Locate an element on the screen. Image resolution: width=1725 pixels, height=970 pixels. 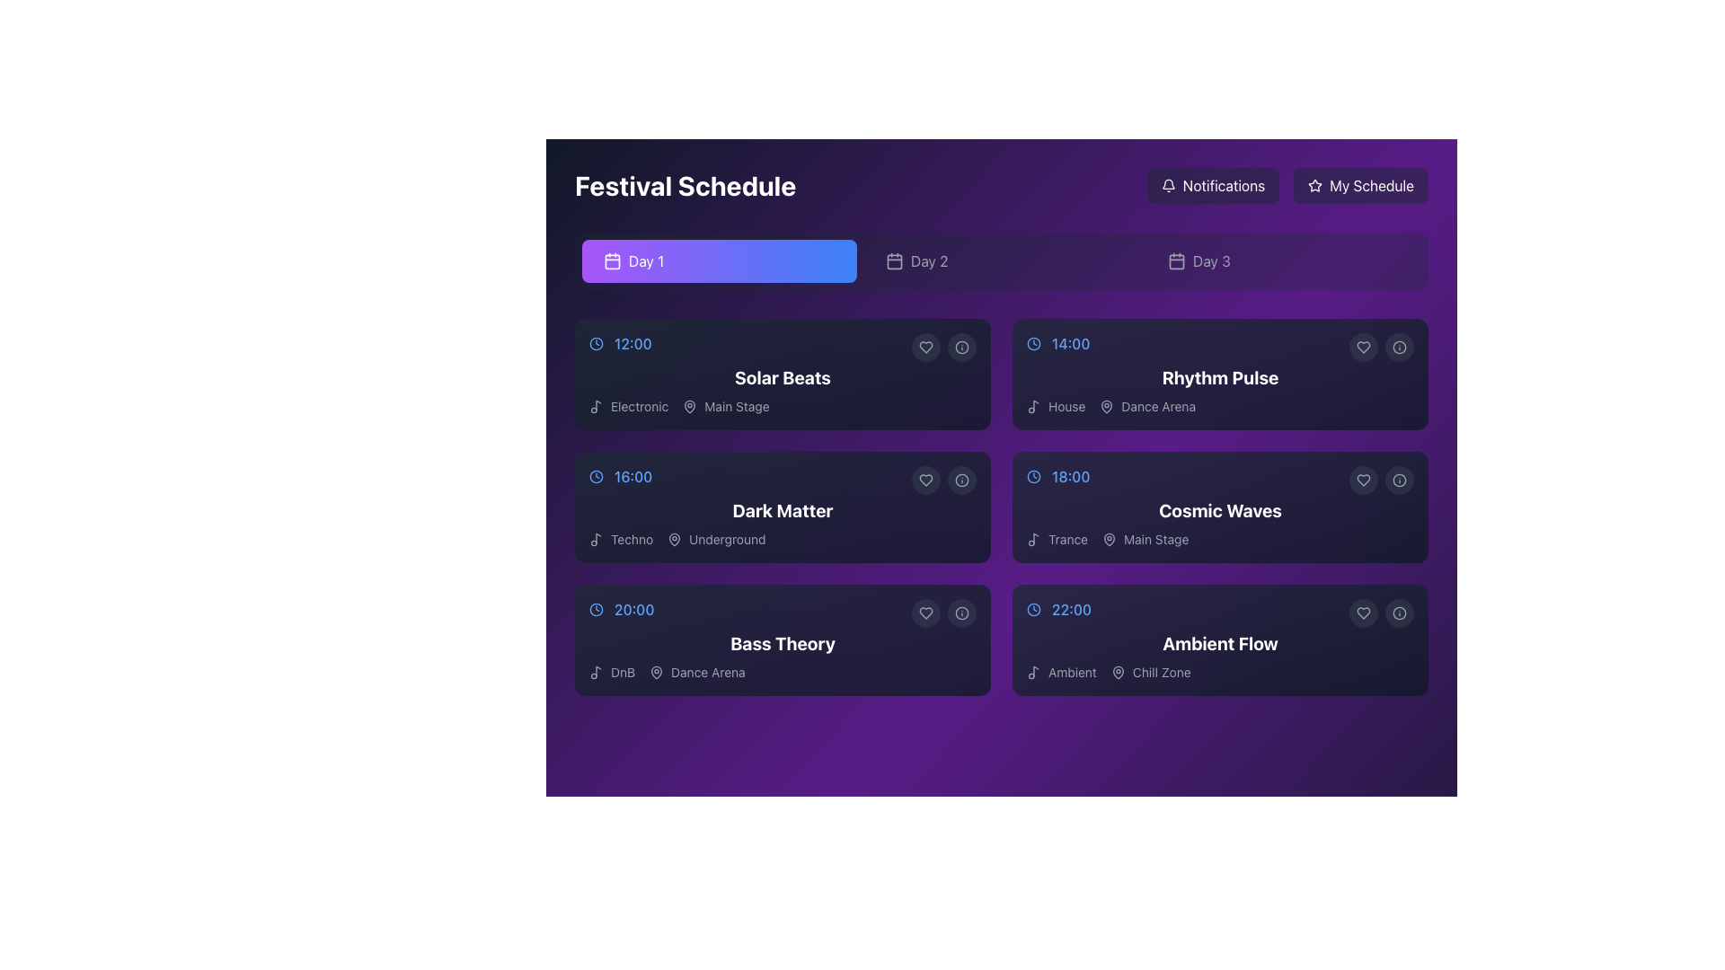
the outlined heart icon located at the top right corner of the 'Solar Beats' event card is located at coordinates (926, 347).